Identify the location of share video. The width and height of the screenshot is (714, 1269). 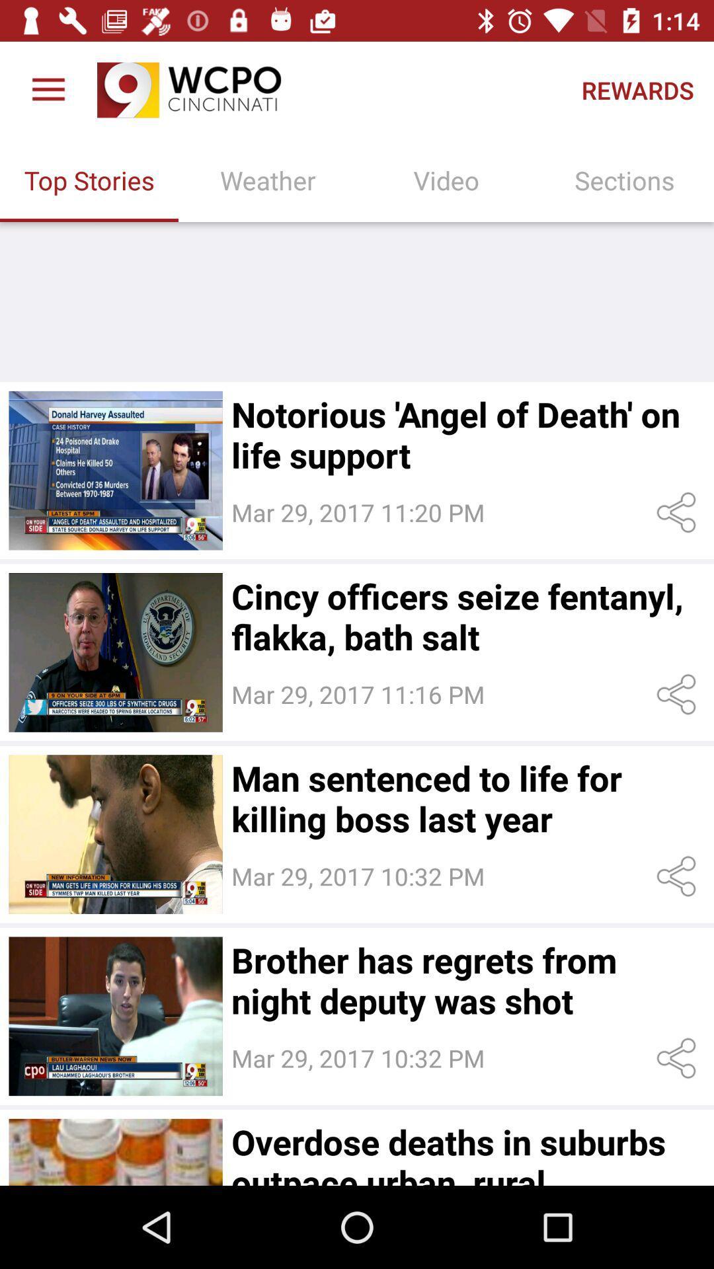
(679, 876).